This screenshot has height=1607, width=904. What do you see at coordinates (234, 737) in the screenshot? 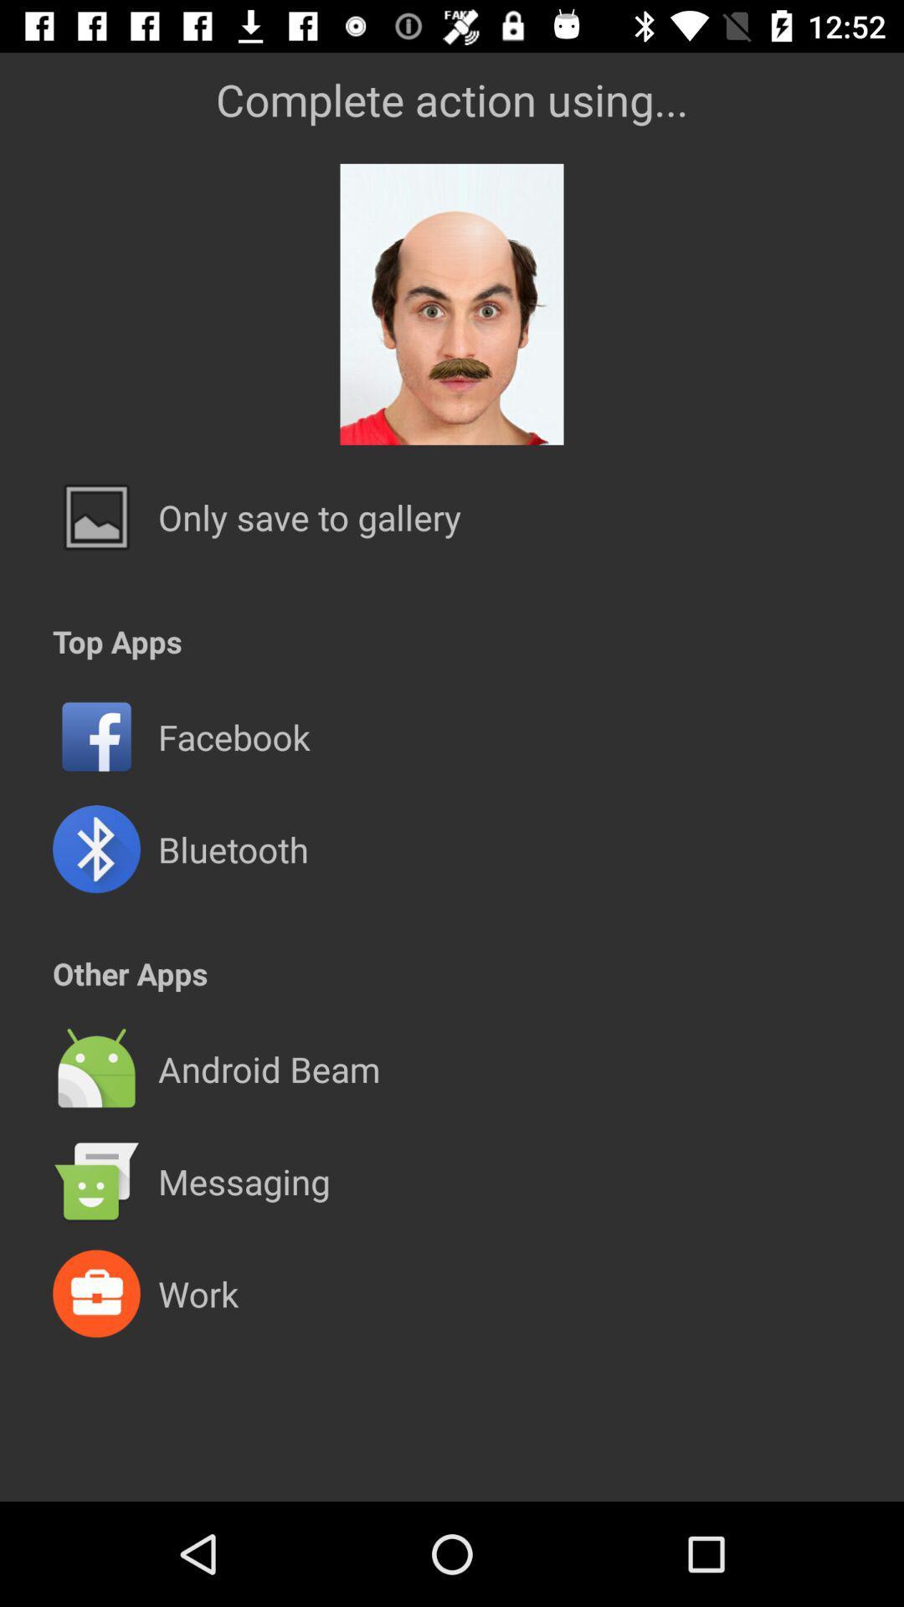
I see `facebook item` at bounding box center [234, 737].